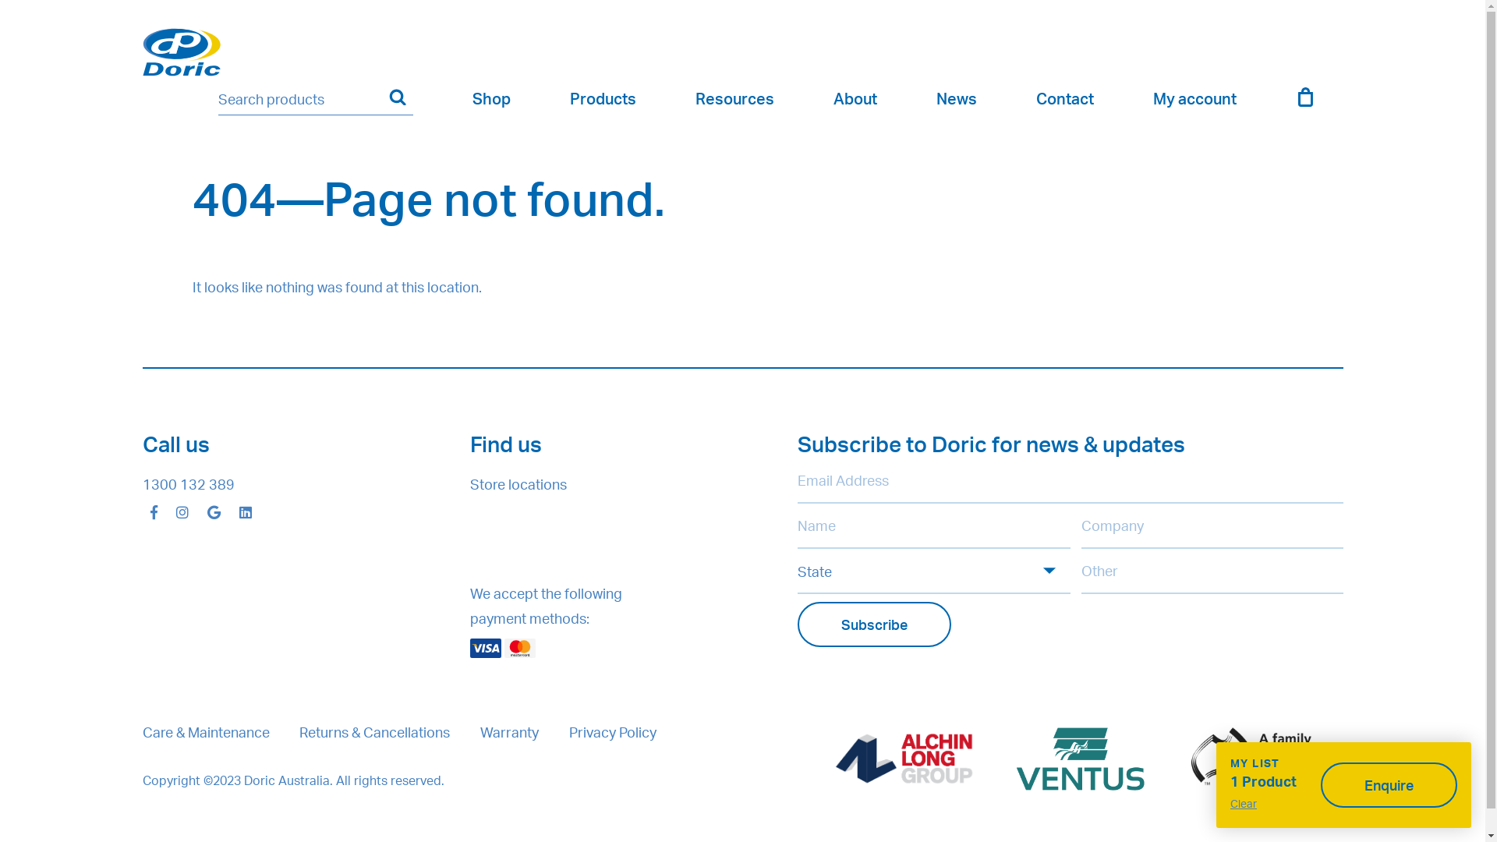 The height and width of the screenshot is (842, 1497). What do you see at coordinates (612, 731) in the screenshot?
I see `'Privacy Policy'` at bounding box center [612, 731].